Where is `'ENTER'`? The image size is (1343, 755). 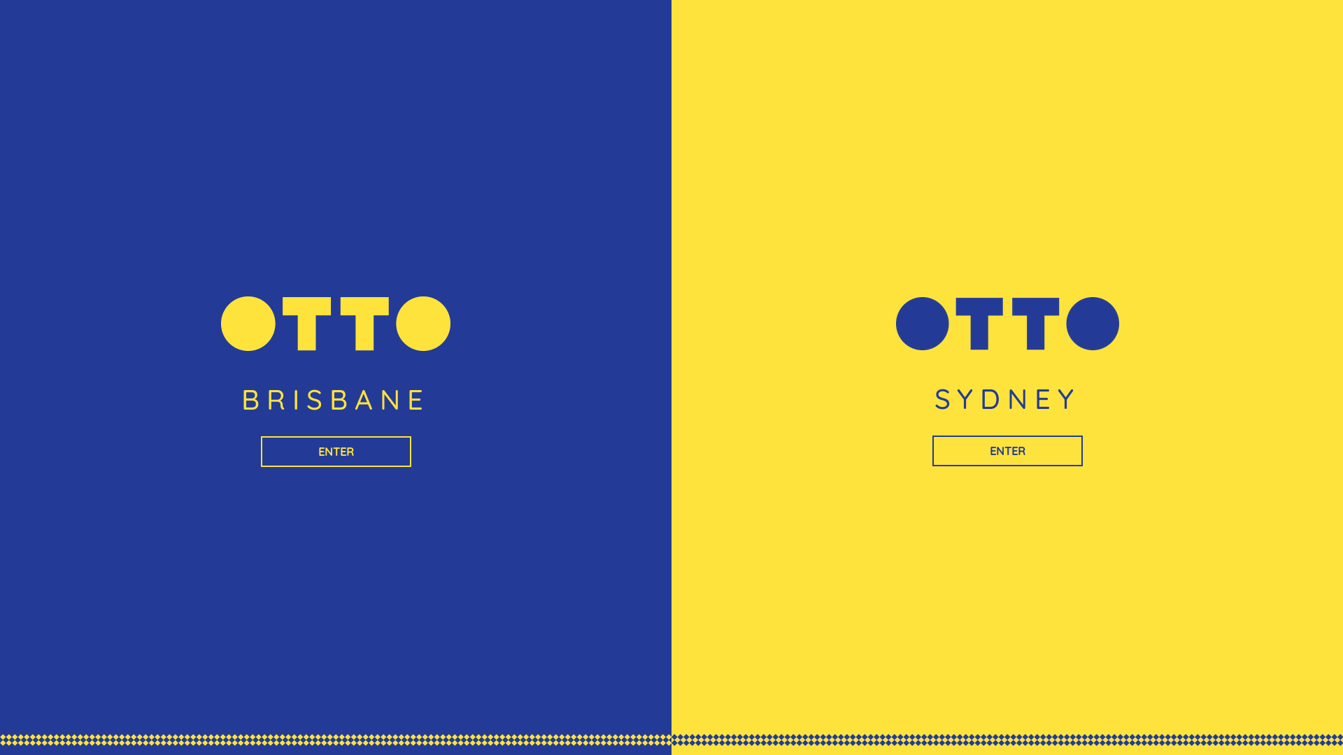
'ENTER' is located at coordinates (1006, 450).